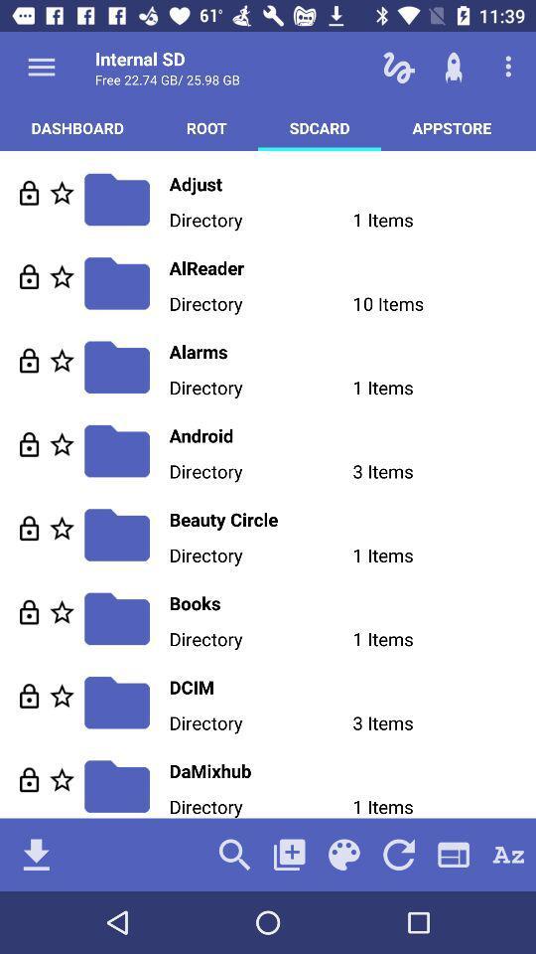  What do you see at coordinates (452, 126) in the screenshot?
I see `icon to the right of the sdcard` at bounding box center [452, 126].